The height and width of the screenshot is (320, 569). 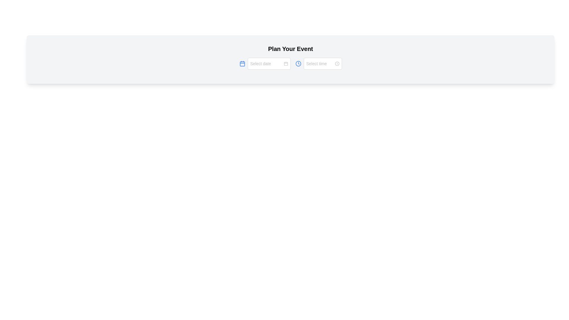 What do you see at coordinates (286, 64) in the screenshot?
I see `the miniature calendar icon, which is located to the right of the 'Select date' placeholder text and before the 'Select time' section` at bounding box center [286, 64].